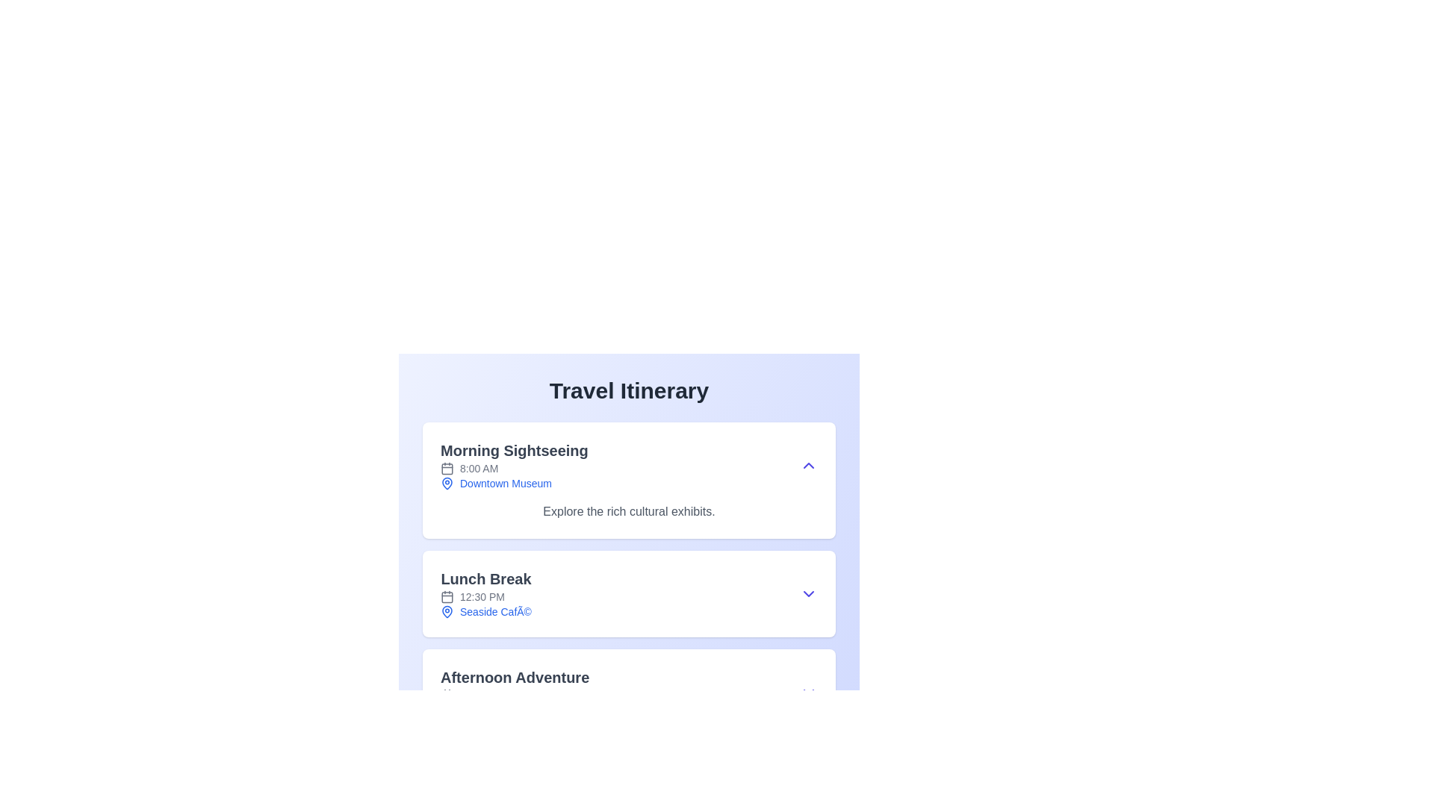 The image size is (1434, 806). What do you see at coordinates (808, 465) in the screenshot?
I see `the toggle button for expanding or collapsing details related to the 'Morning Sightseeing' activity, positioned to the far-right of the section` at bounding box center [808, 465].